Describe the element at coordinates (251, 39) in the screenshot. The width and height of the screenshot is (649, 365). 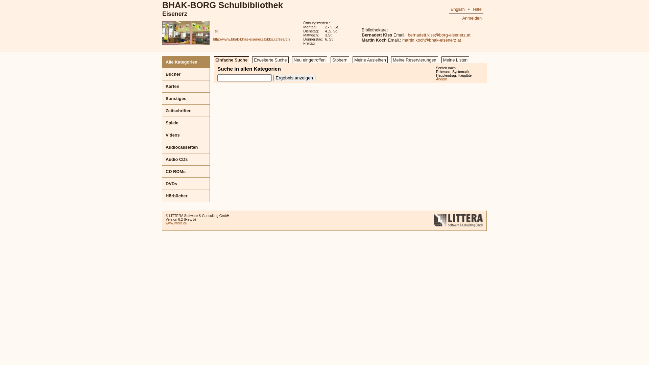
I see `'http://www.bhak-bhas-eisenerz.bibbs.cc/search'` at that location.